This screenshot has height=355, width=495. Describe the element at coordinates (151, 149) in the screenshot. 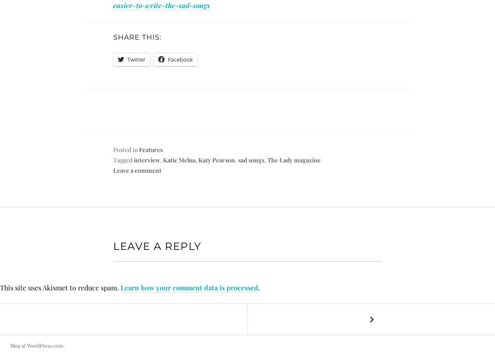

I see `'Features'` at that location.